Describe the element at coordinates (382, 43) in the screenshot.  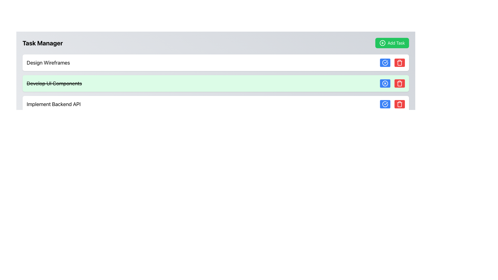
I see `the circular graphical icon located within the green 'Add Task' button at the top-right corner of the interface above the task list` at that location.